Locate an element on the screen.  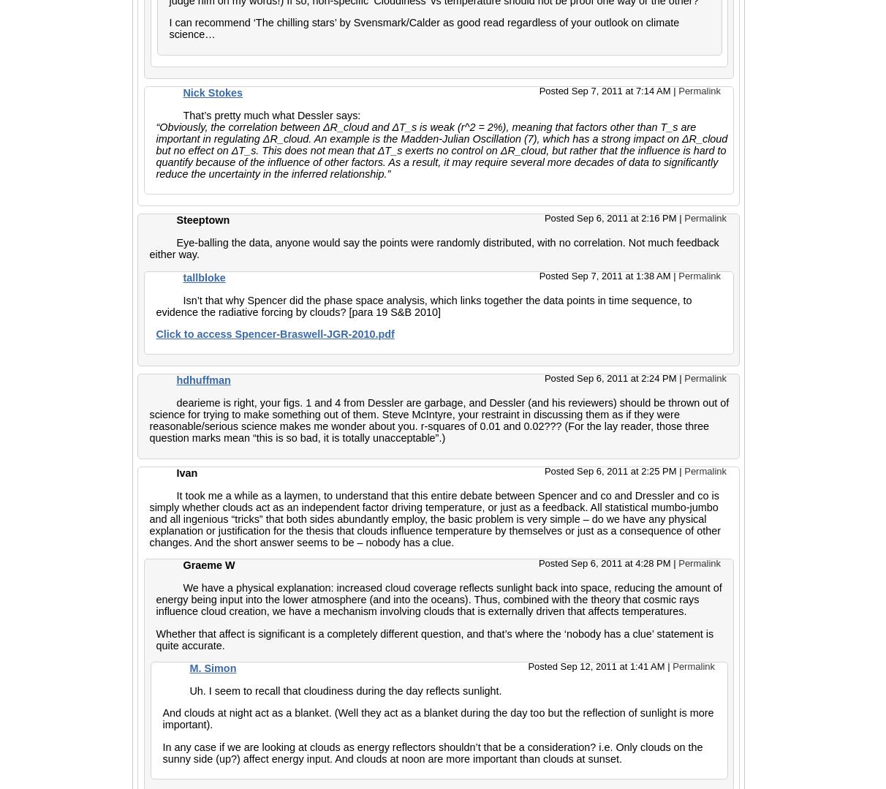
'Posted Sep 6, 2011 at 4:28 PM' is located at coordinates (605, 563).